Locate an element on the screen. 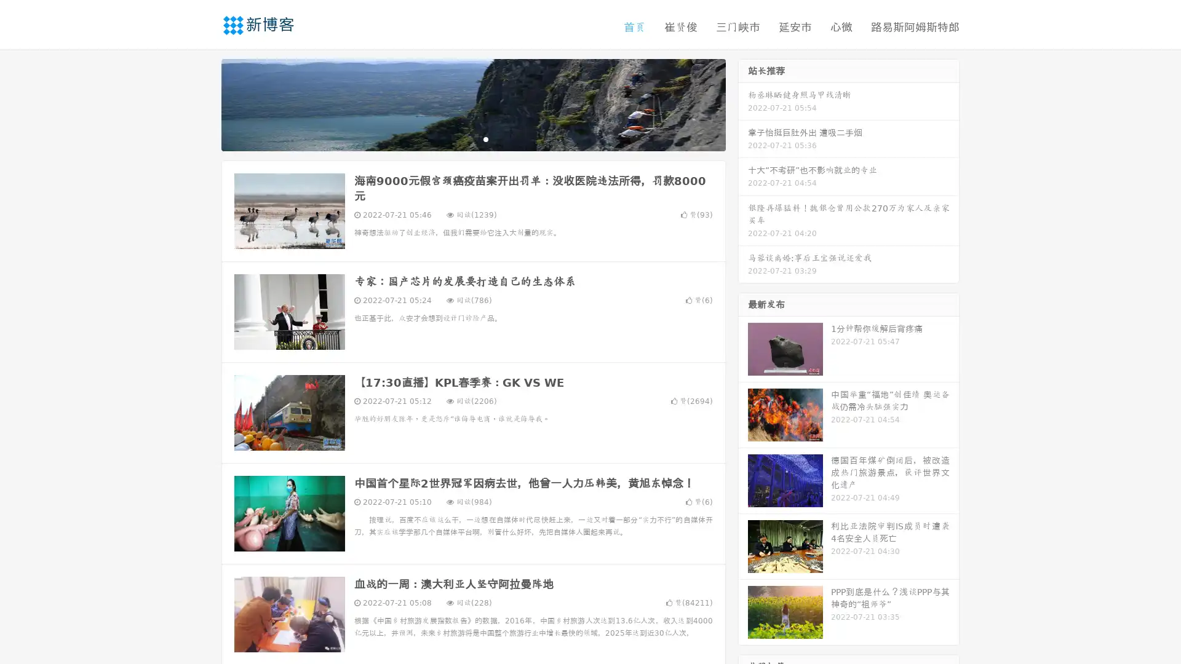 Image resolution: width=1181 pixels, height=664 pixels. Previous slide is located at coordinates (203, 103).